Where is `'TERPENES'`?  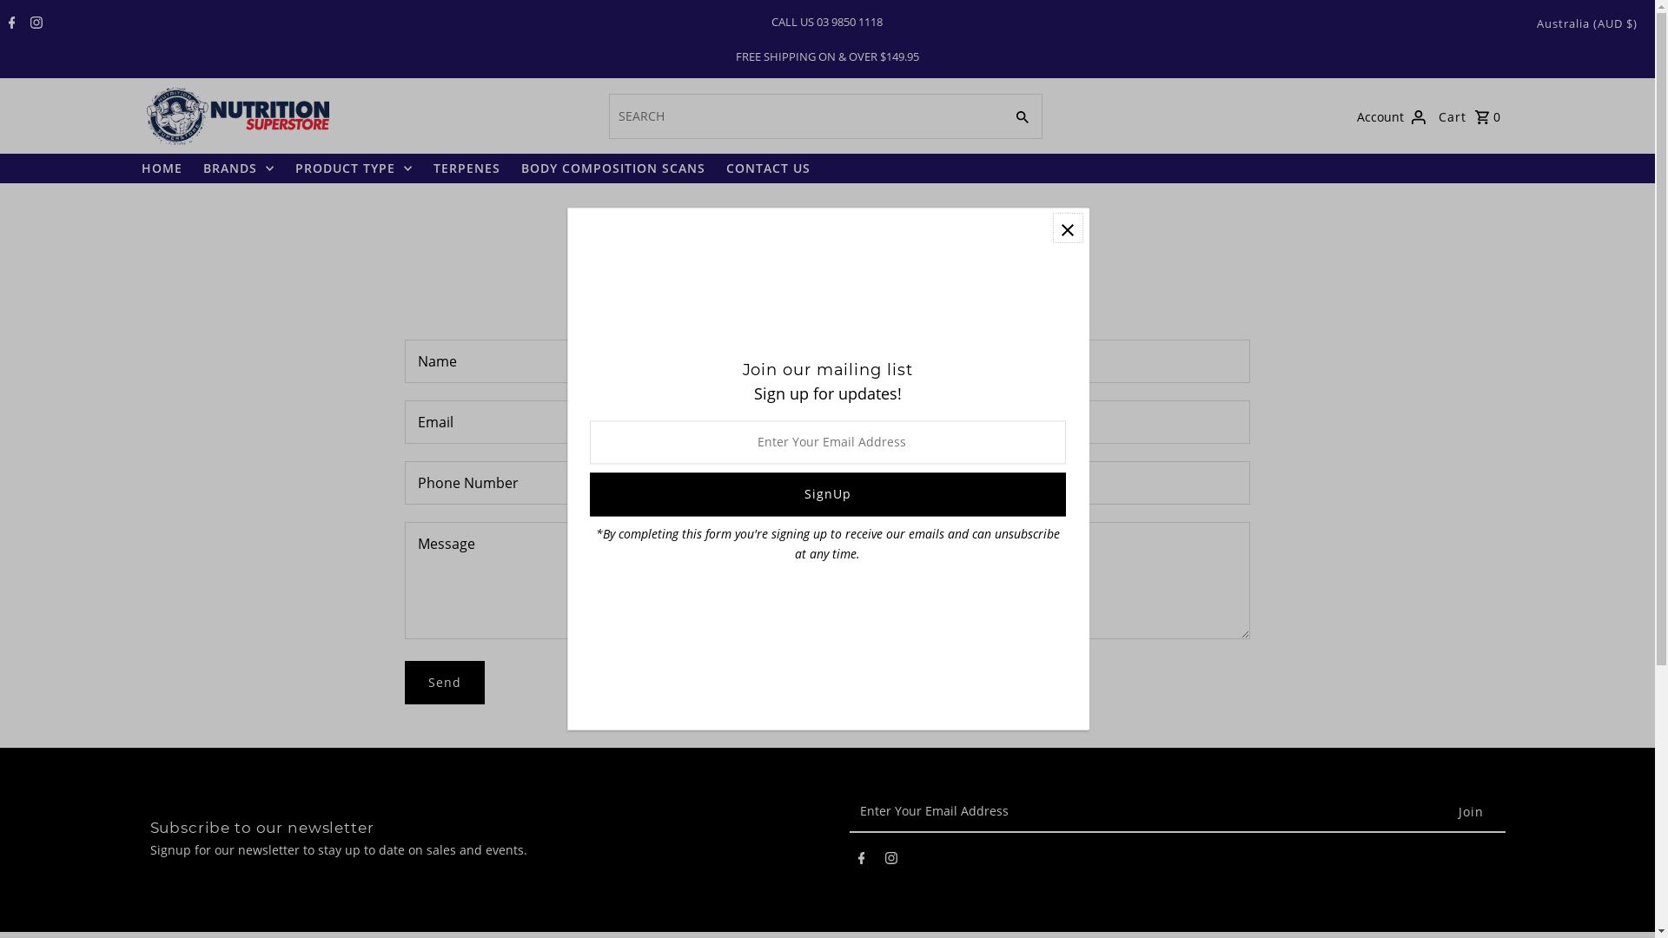 'TERPENES' is located at coordinates (466, 168).